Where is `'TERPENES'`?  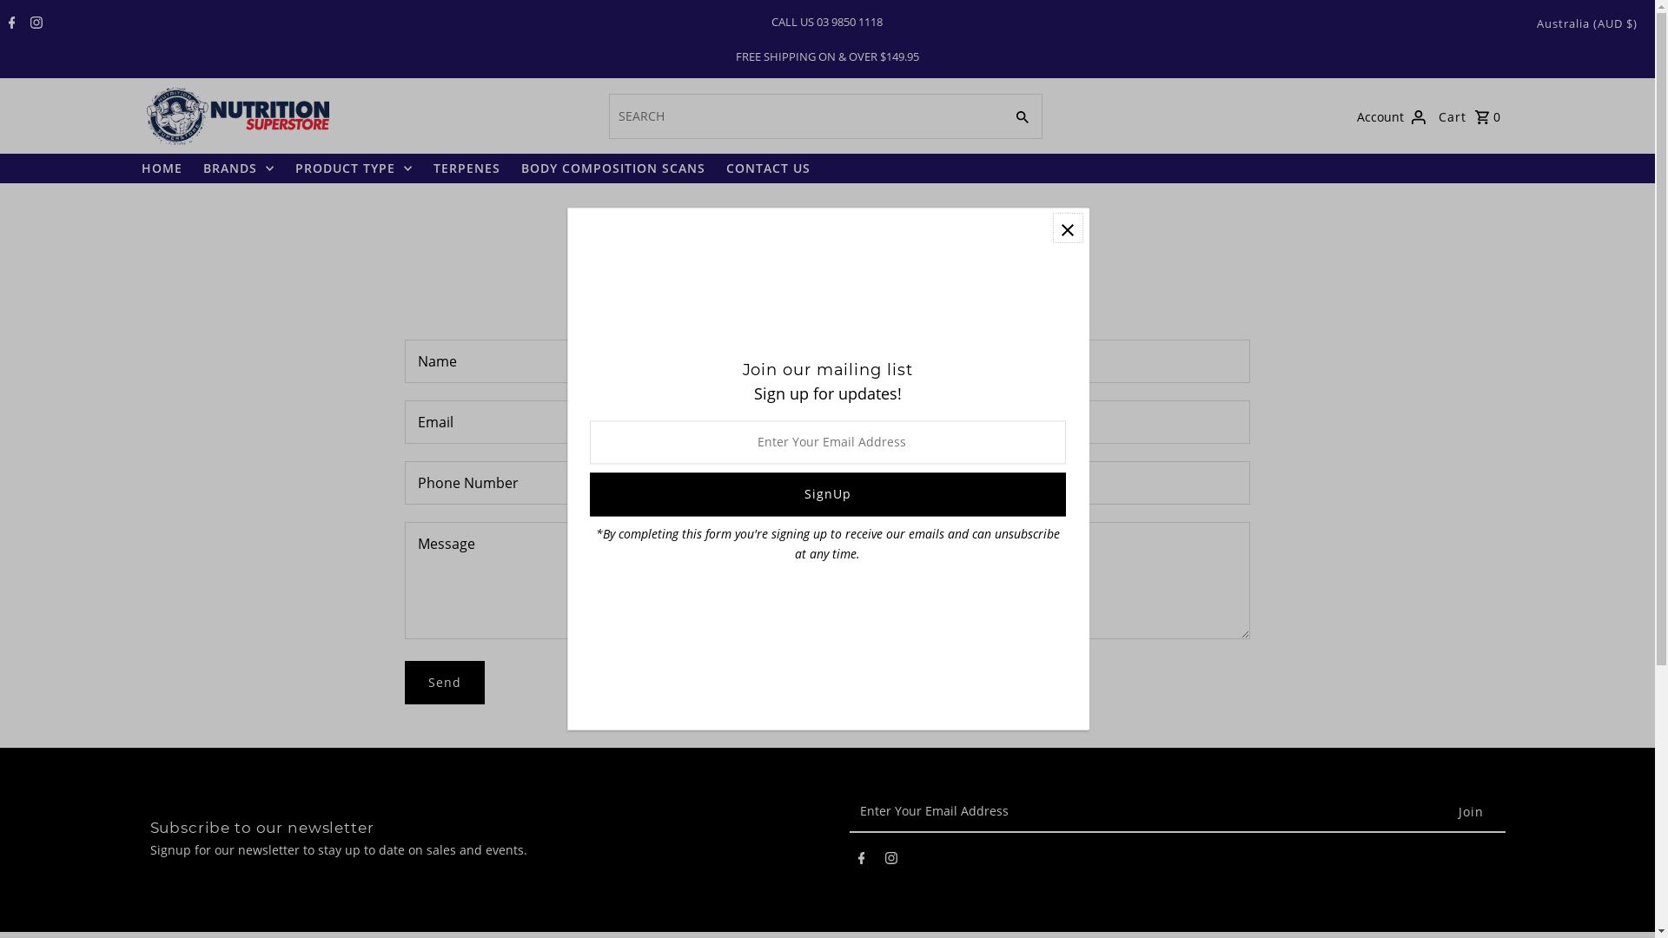 'TERPENES' is located at coordinates (466, 168).